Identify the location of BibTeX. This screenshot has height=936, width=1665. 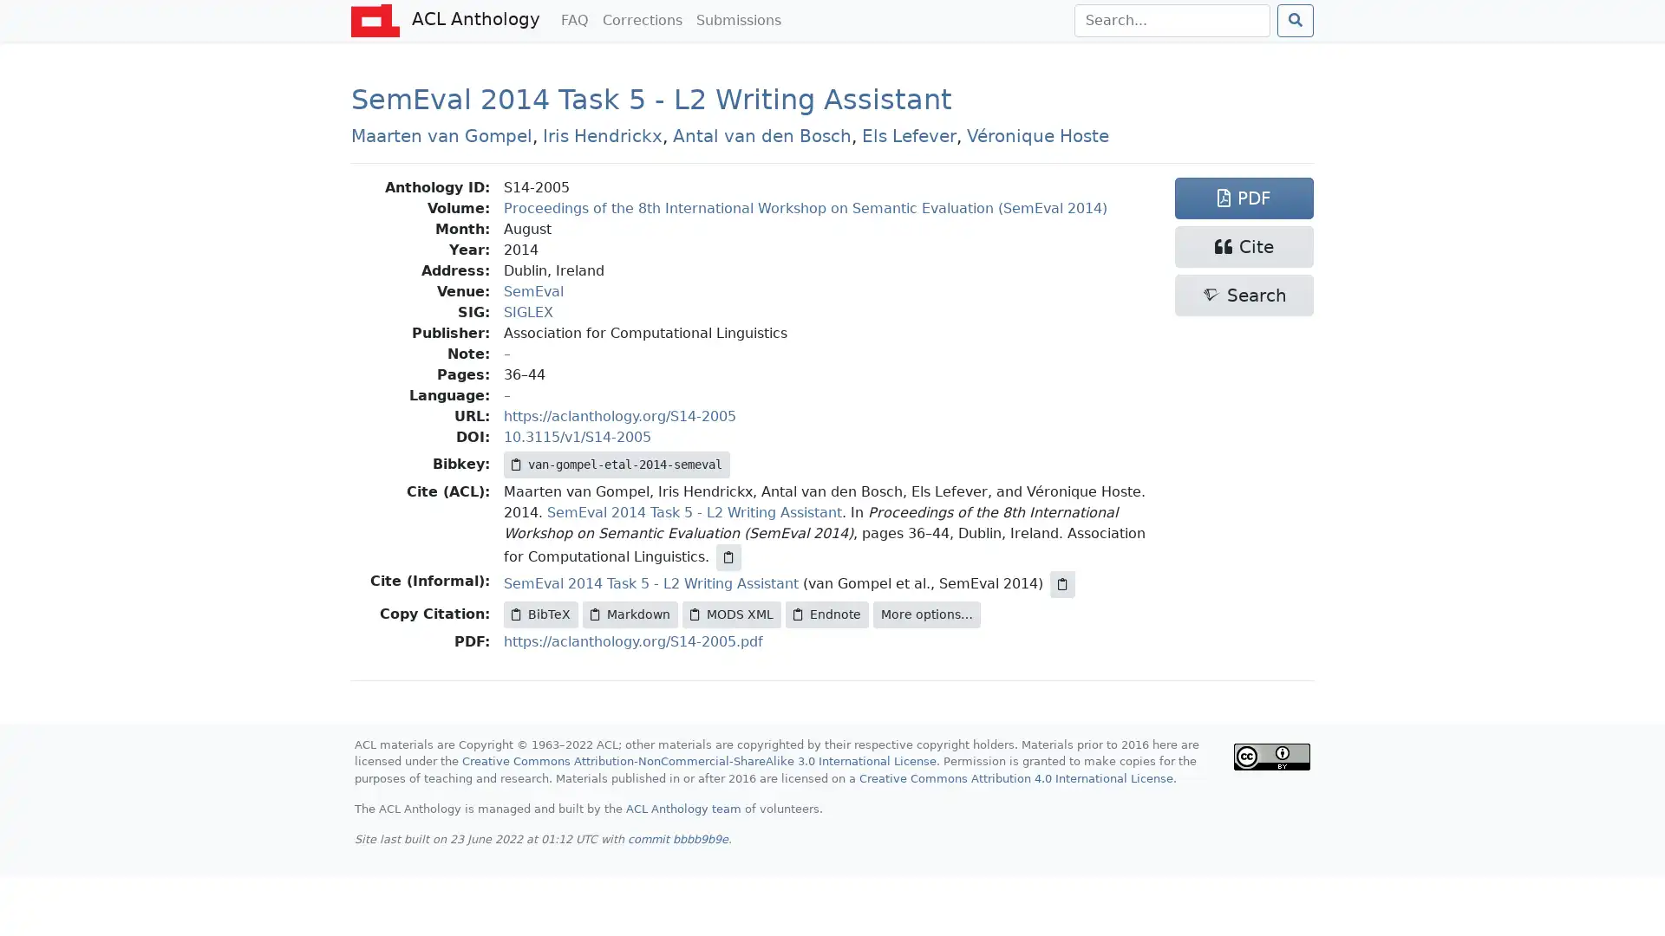
(540, 614).